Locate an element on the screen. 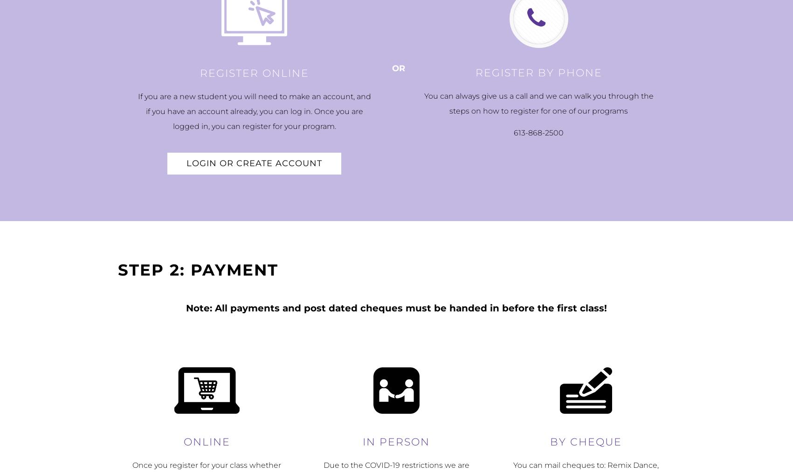 This screenshot has height=472, width=793. 'By Cheque' is located at coordinates (586, 442).